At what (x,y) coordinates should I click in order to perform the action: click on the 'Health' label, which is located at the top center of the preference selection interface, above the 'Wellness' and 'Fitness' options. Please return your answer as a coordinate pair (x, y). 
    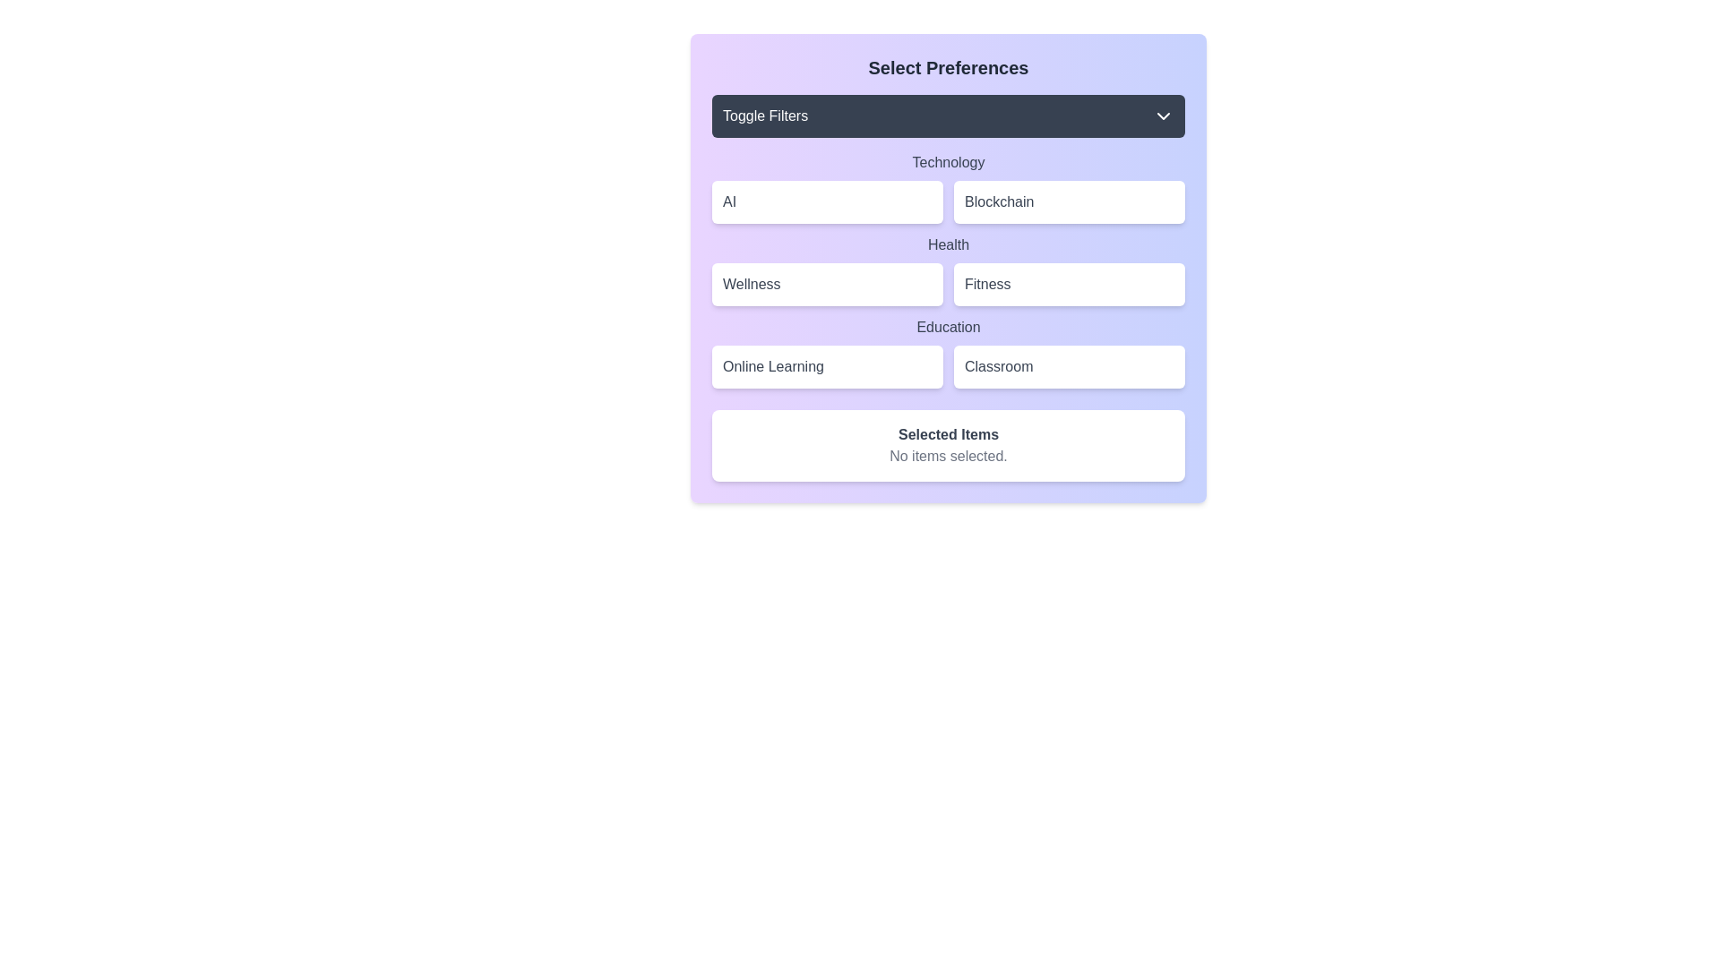
    Looking at the image, I should click on (948, 244).